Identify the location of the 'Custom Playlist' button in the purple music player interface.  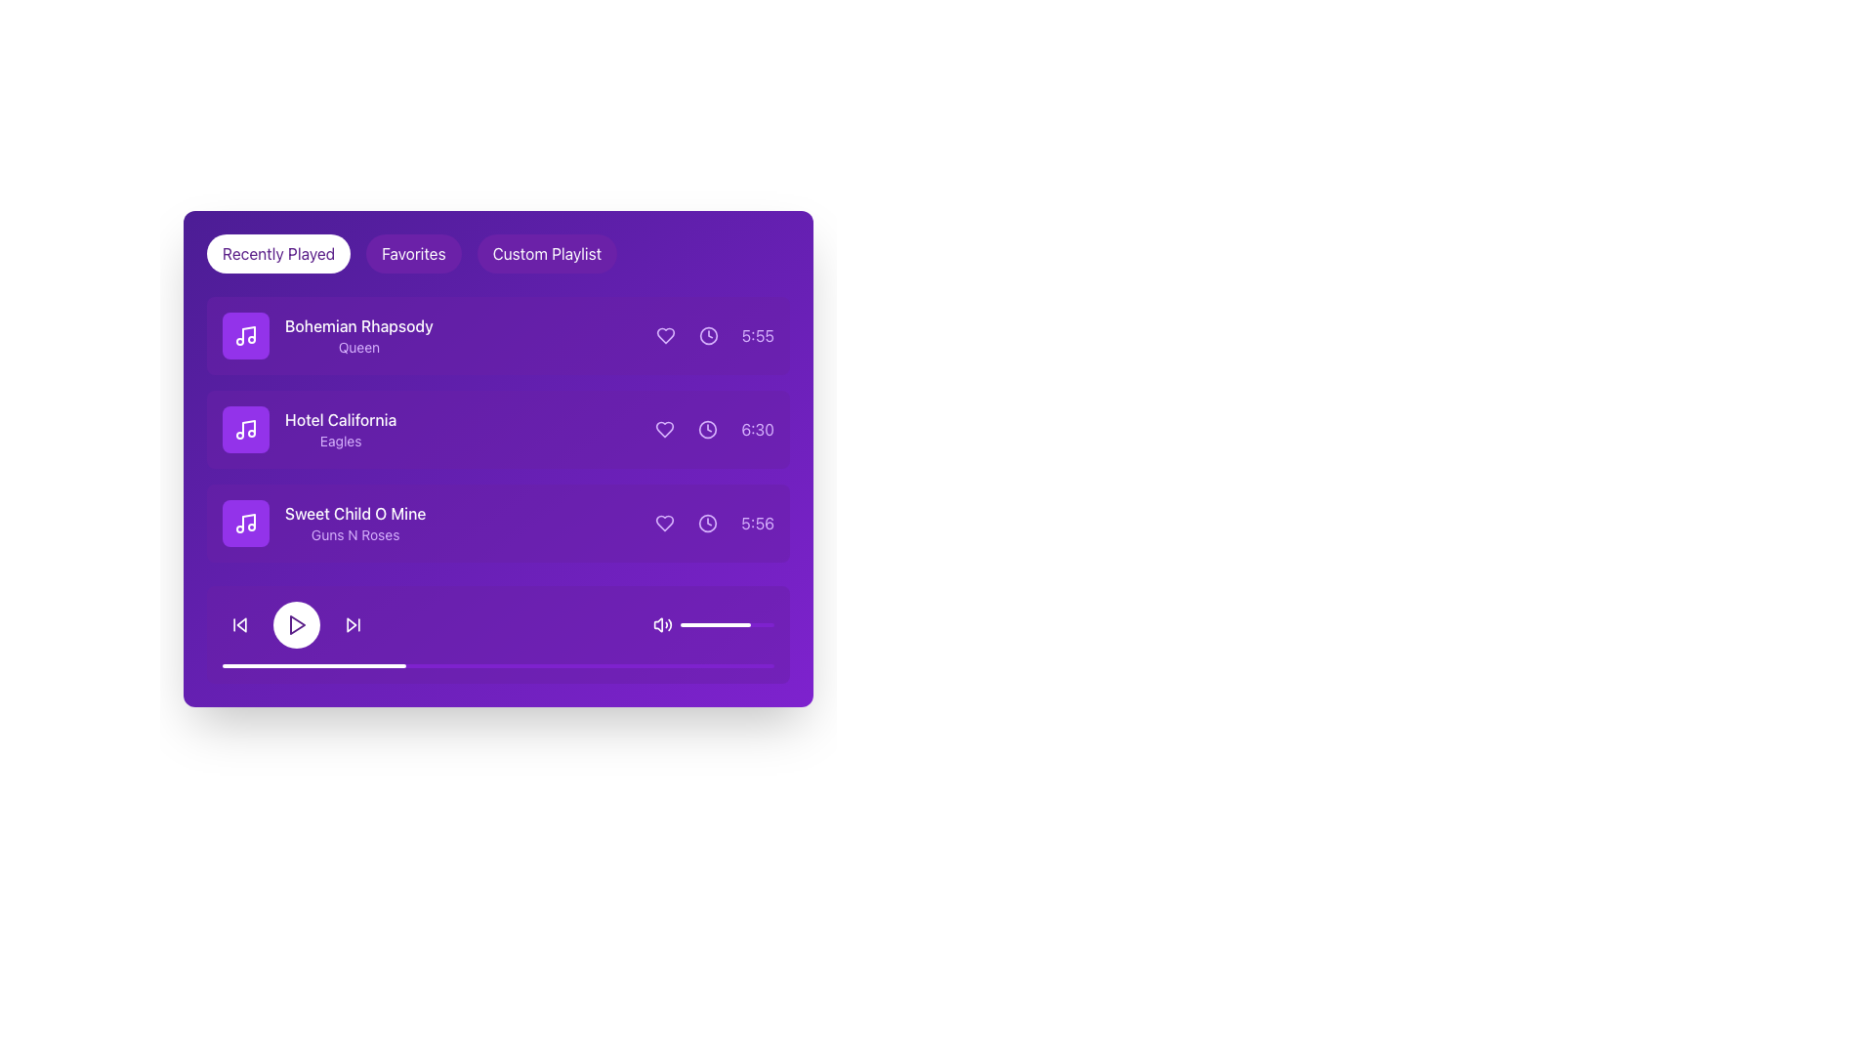
(547, 252).